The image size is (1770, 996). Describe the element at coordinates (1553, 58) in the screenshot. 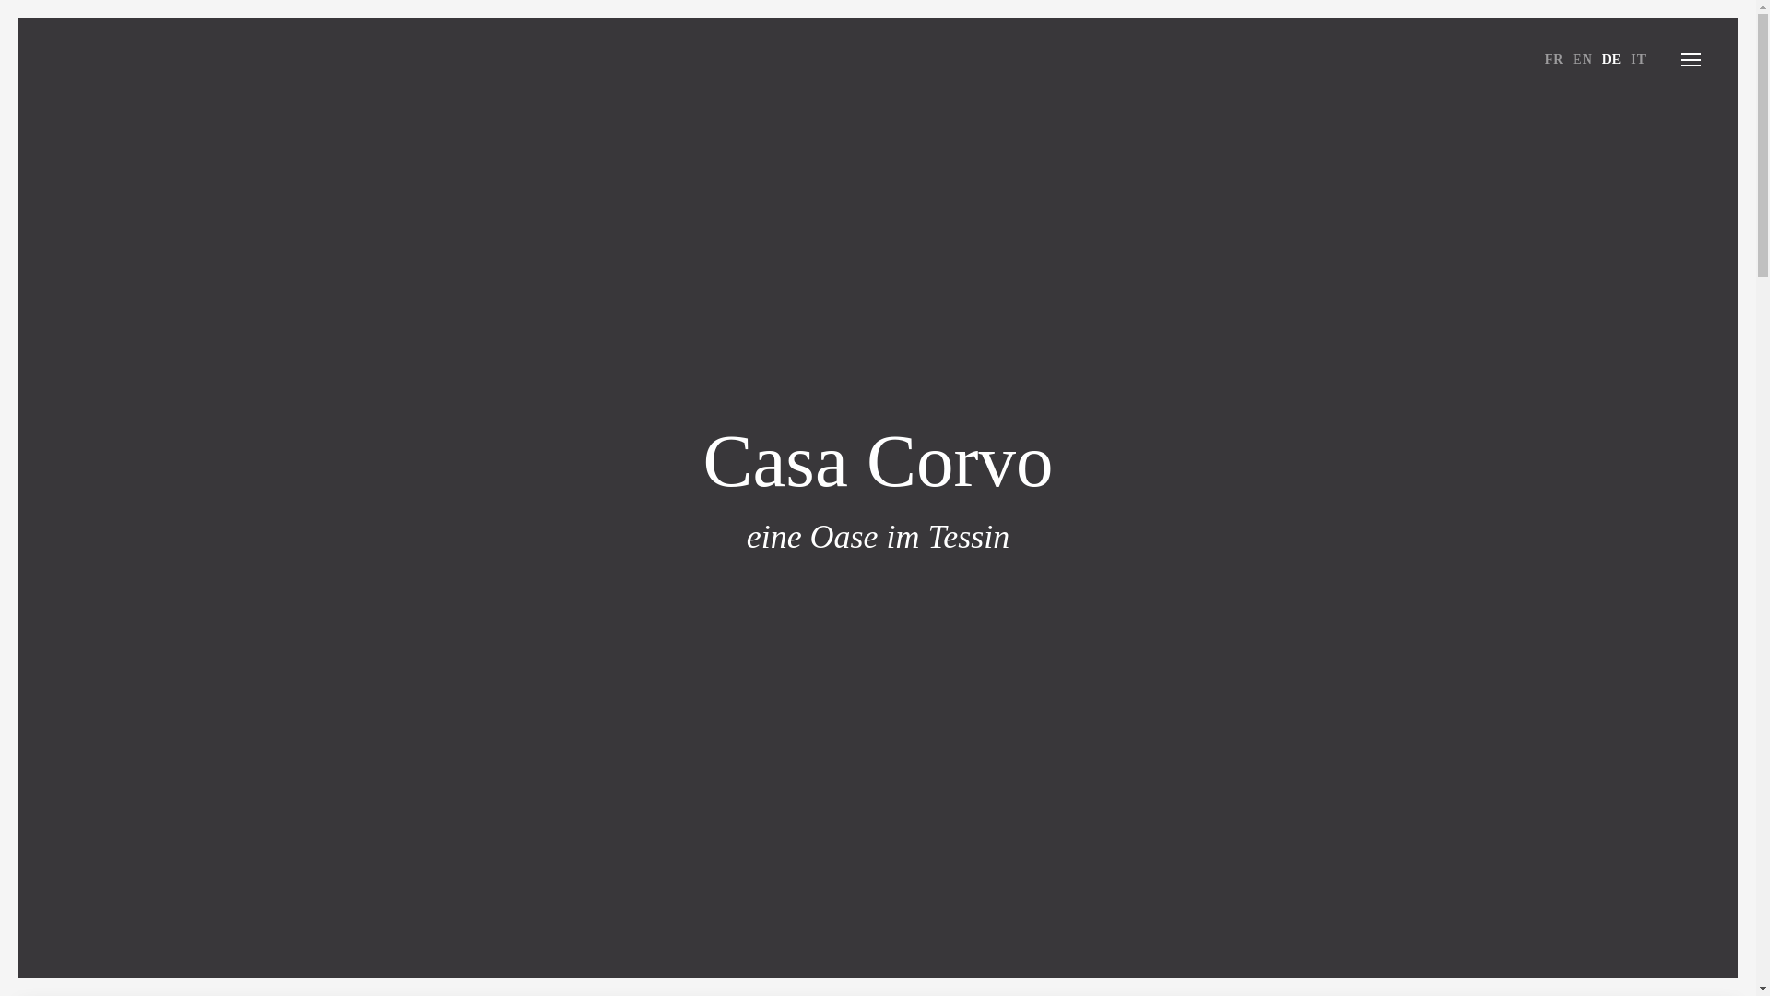

I see `'FR'` at that location.